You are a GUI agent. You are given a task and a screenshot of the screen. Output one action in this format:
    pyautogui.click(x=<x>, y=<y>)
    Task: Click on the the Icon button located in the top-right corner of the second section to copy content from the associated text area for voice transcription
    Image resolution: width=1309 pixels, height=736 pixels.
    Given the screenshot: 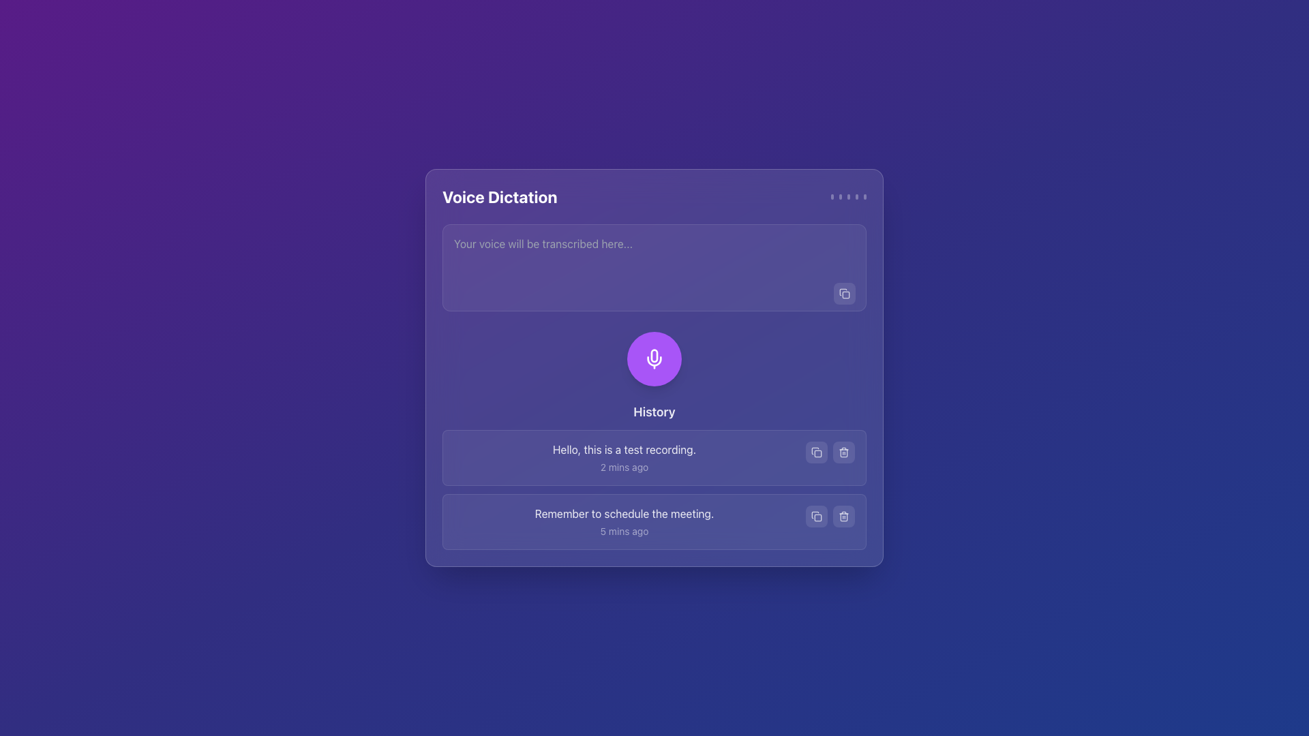 What is the action you would take?
    pyautogui.click(x=843, y=293)
    